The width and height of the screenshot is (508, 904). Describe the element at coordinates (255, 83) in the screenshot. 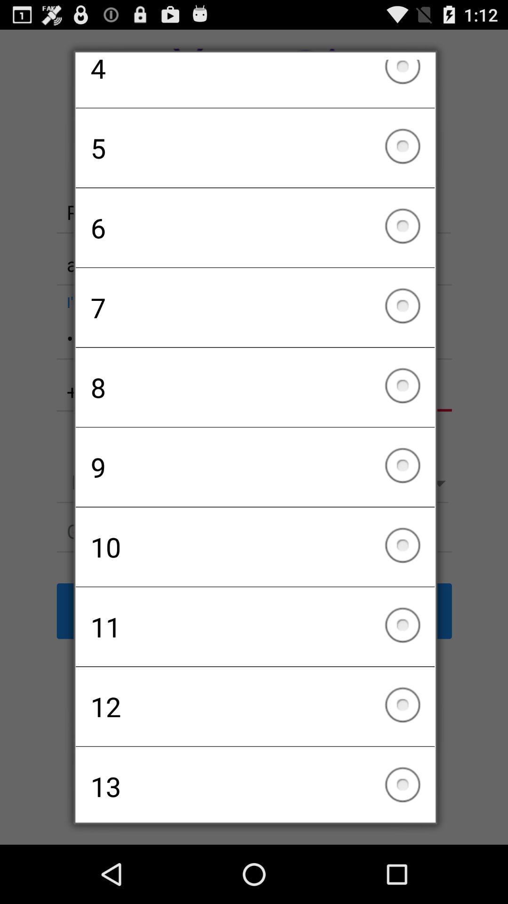

I see `the icon above the 5` at that location.